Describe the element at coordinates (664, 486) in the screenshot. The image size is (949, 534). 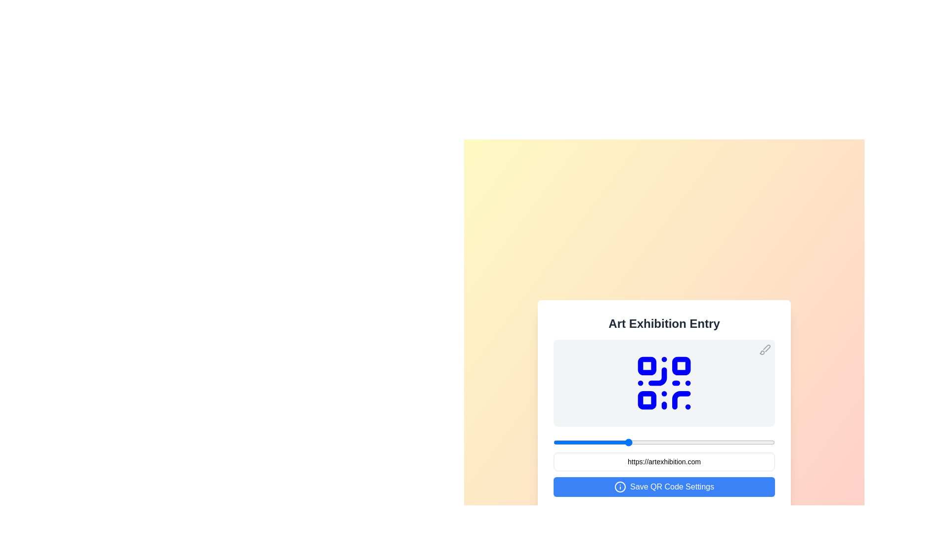
I see `the 'Save QR Code Settings' button with a solid blue background and white text` at that location.